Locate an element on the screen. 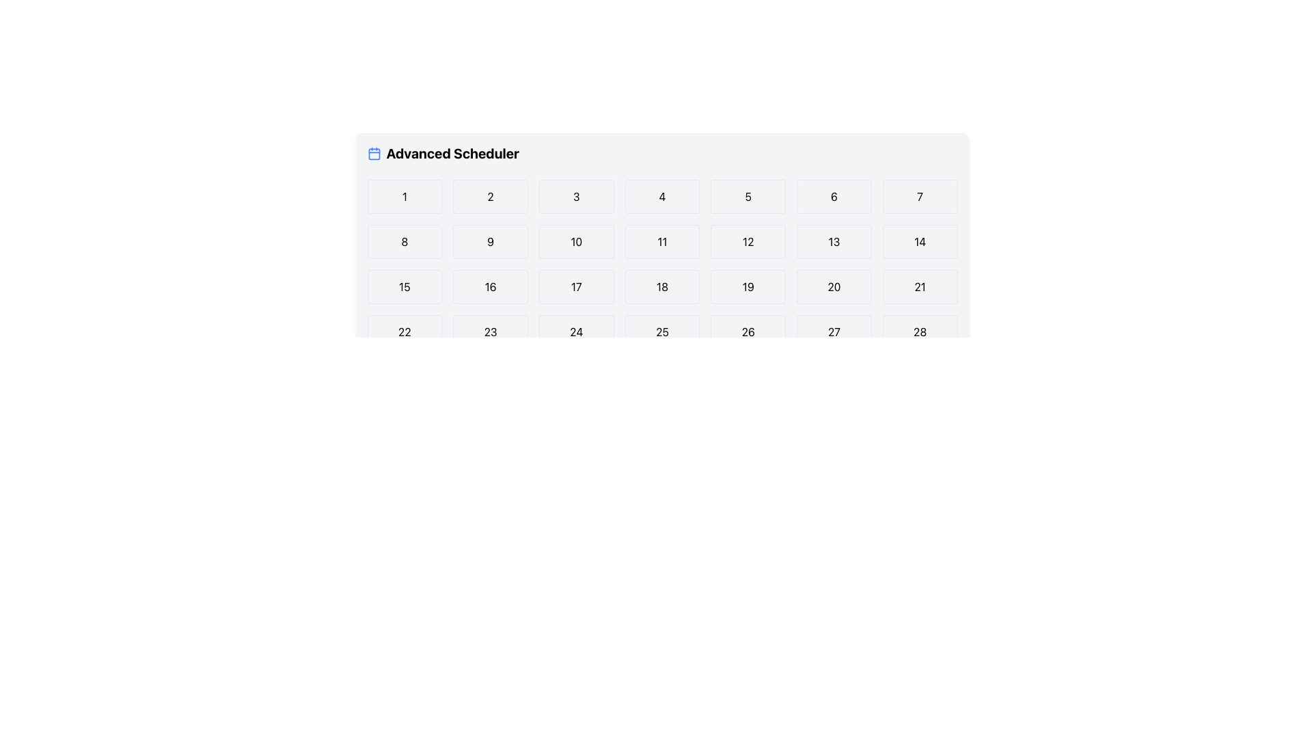 This screenshot has width=1312, height=738. the button labeled '14' located is located at coordinates (920, 241).